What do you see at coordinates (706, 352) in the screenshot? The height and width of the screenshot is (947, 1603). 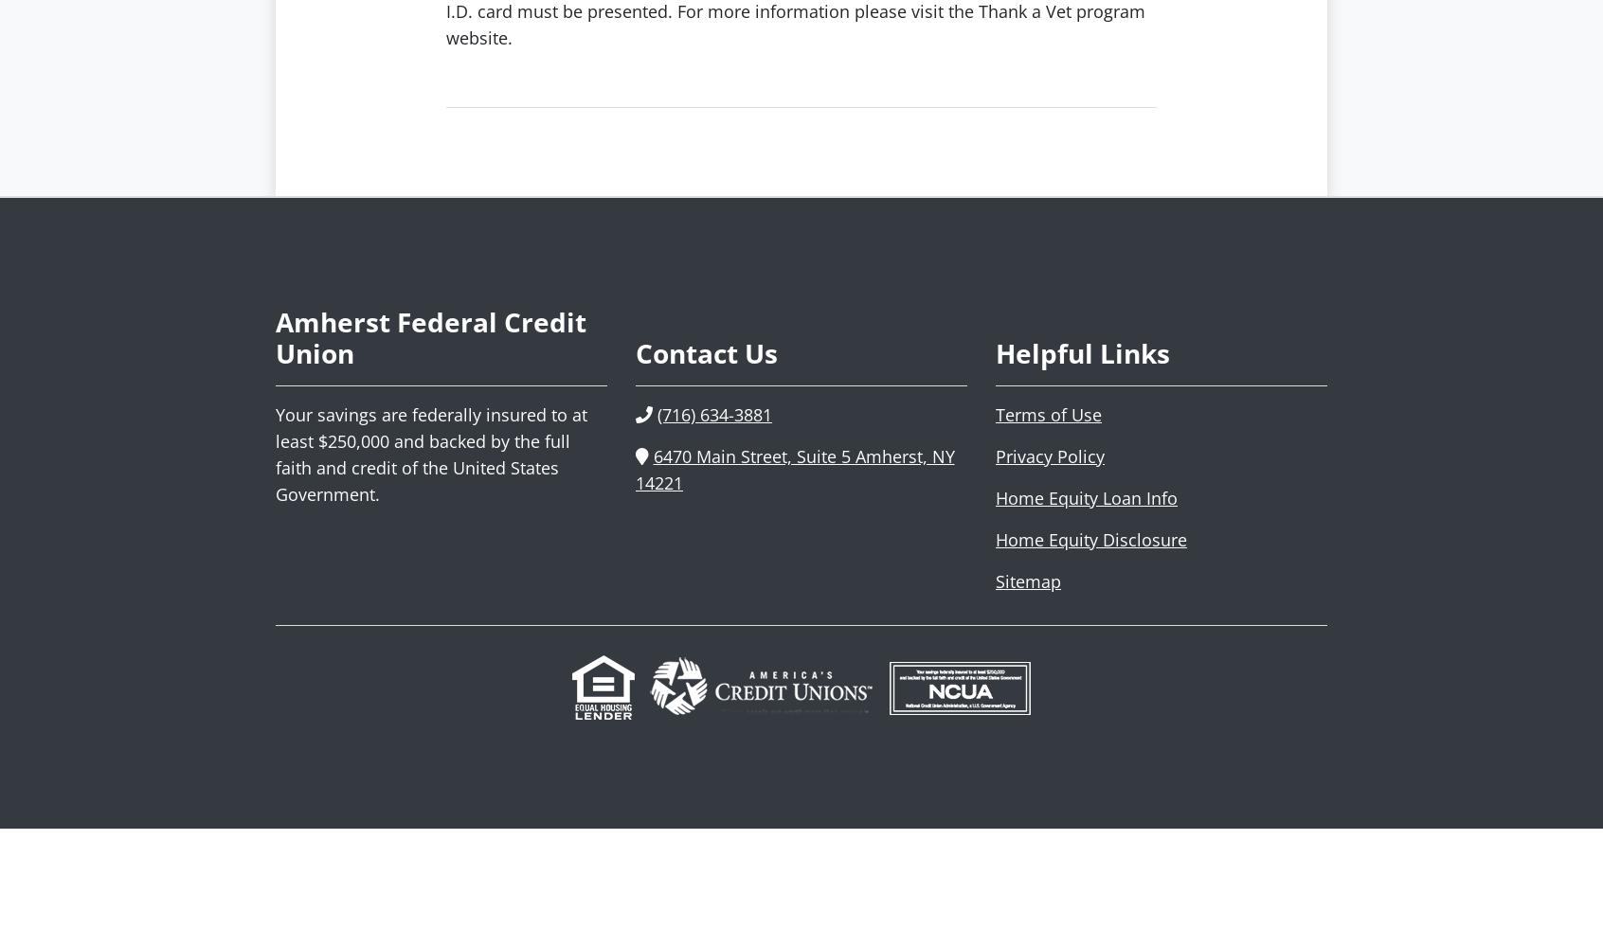 I see `'Contact Us'` at bounding box center [706, 352].